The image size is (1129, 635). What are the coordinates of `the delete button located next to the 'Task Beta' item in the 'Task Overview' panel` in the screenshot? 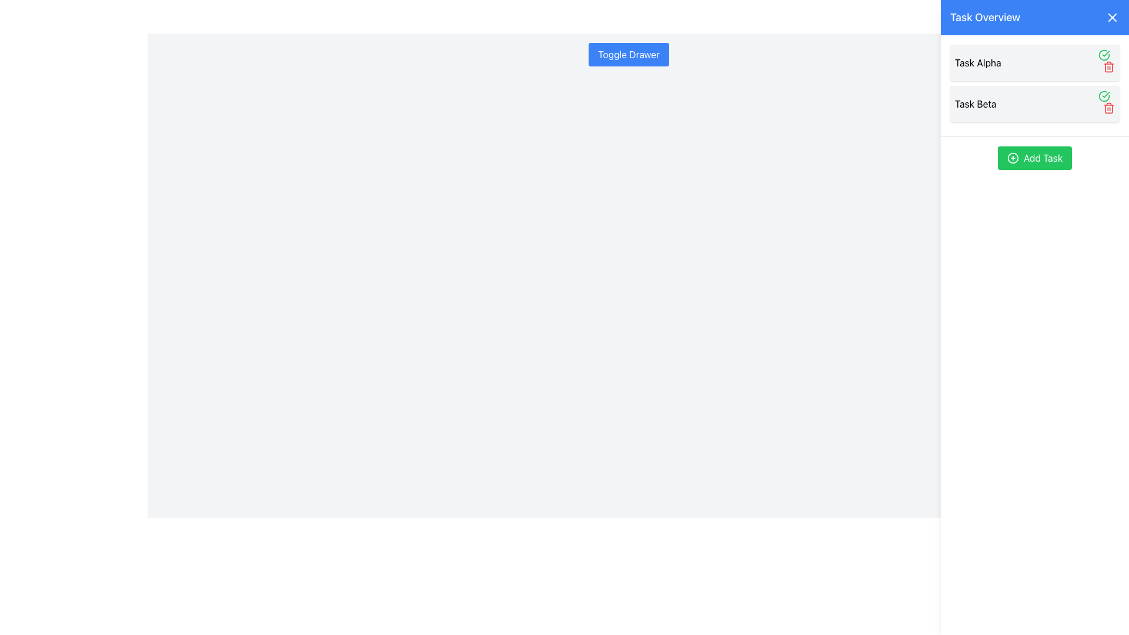 It's located at (1108, 108).